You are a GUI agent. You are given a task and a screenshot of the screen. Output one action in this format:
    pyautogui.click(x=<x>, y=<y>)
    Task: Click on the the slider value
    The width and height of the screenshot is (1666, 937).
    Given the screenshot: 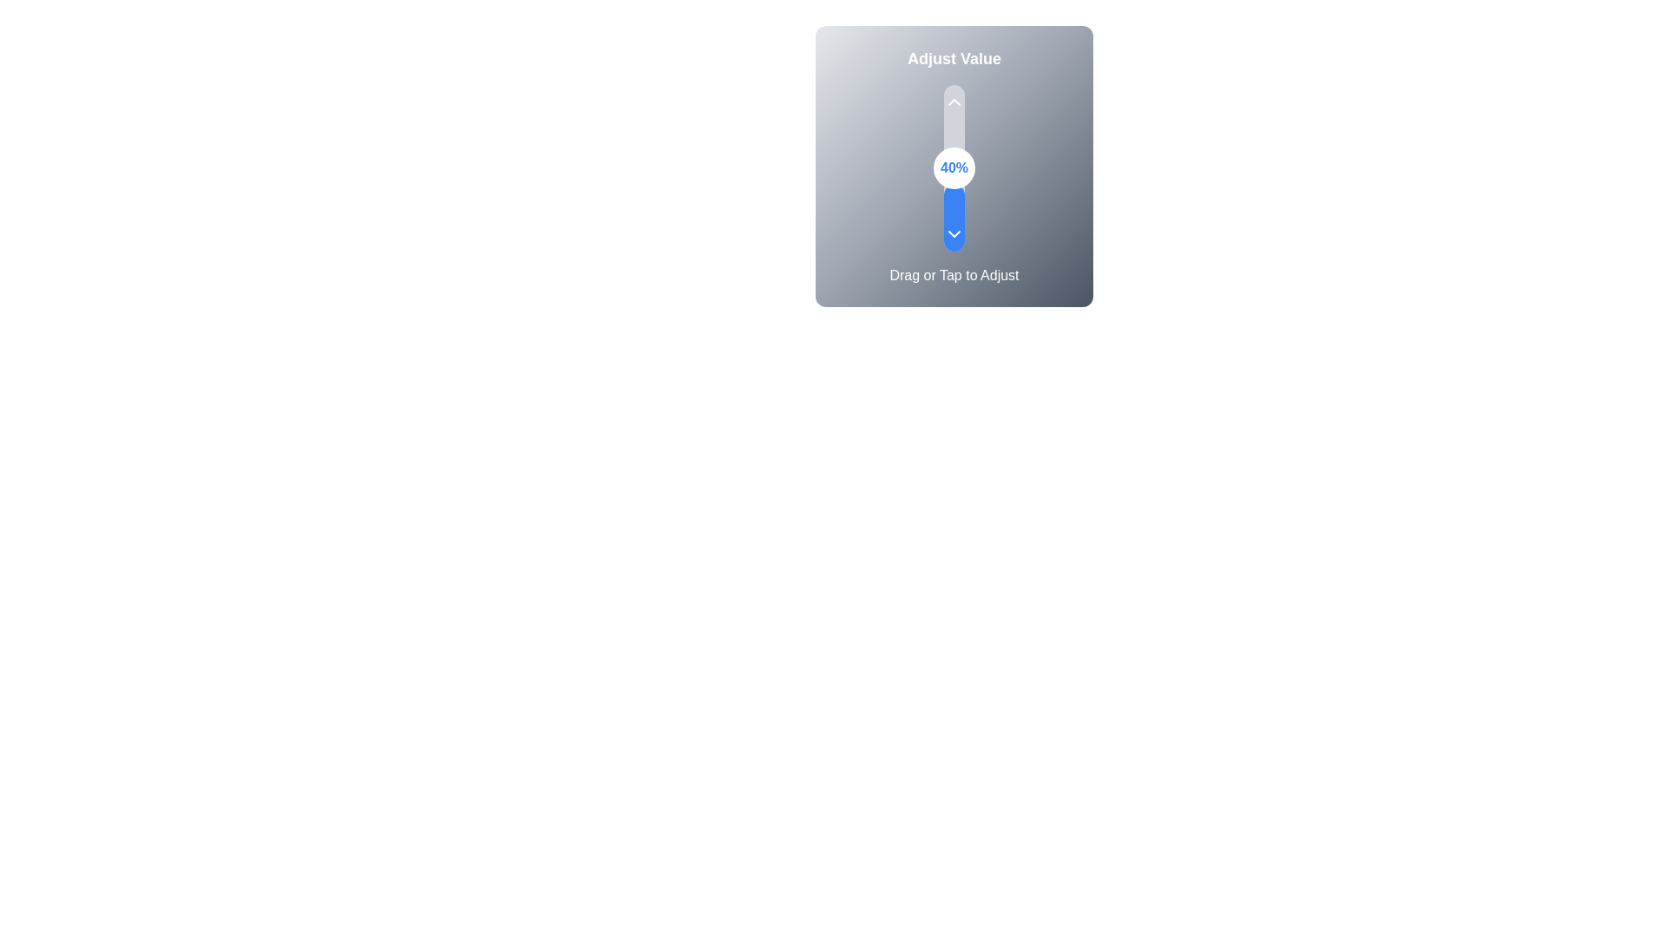 What is the action you would take?
    pyautogui.click(x=953, y=220)
    